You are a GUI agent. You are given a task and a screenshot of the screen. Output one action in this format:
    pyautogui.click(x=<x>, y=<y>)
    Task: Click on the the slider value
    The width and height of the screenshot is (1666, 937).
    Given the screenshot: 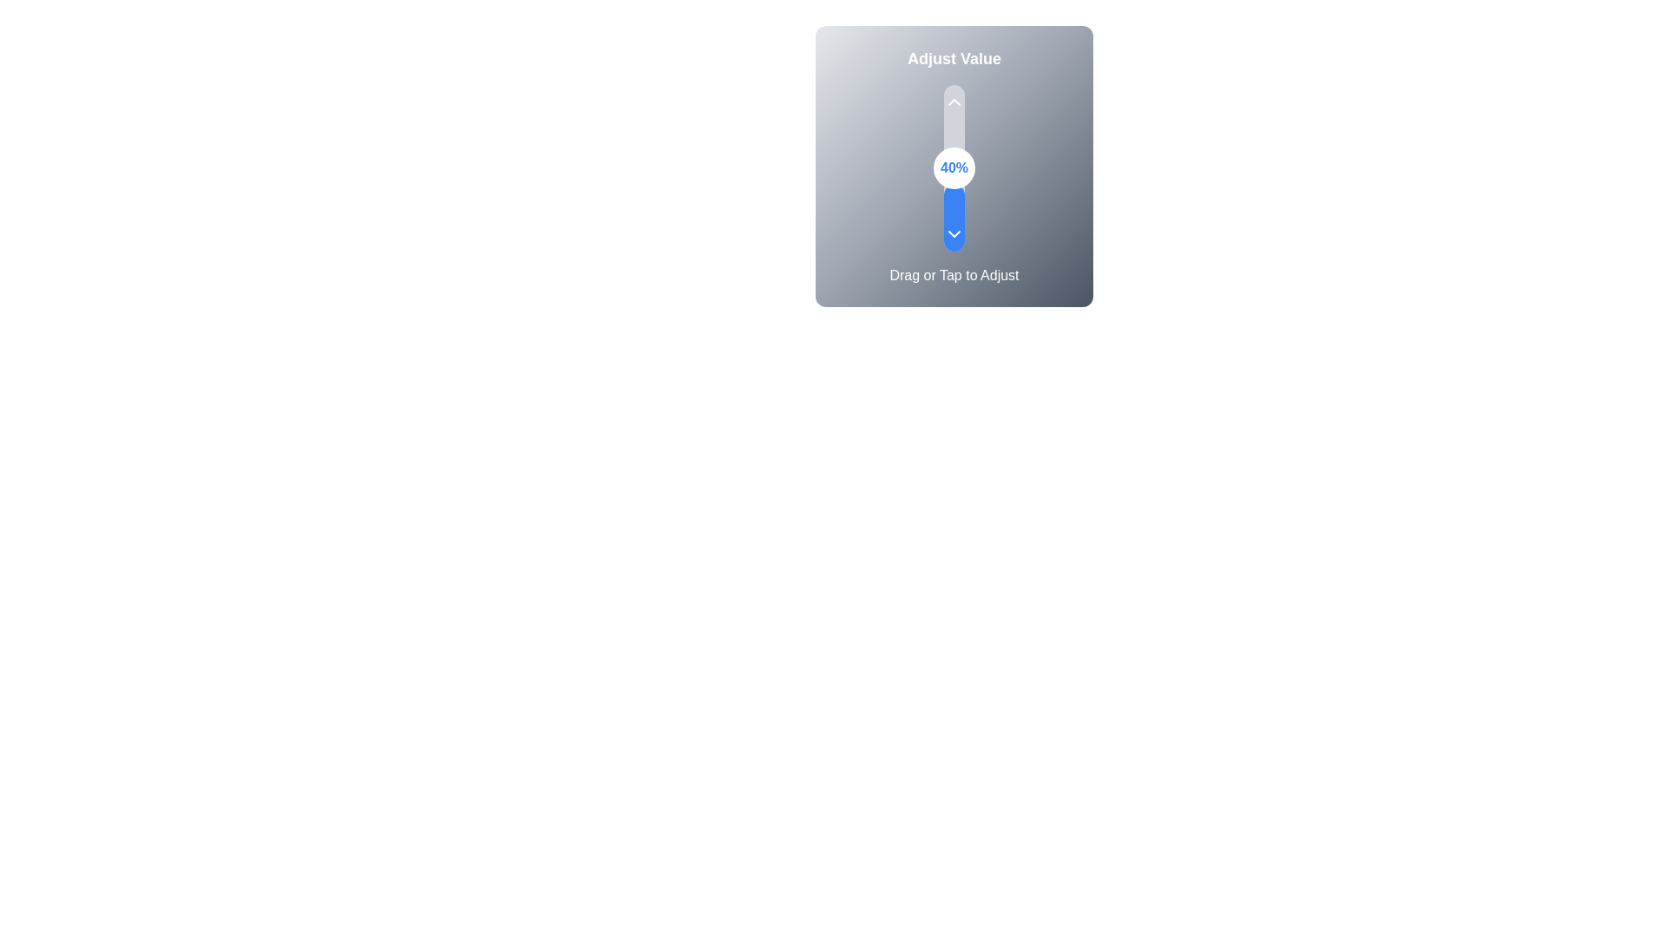 What is the action you would take?
    pyautogui.click(x=953, y=220)
    